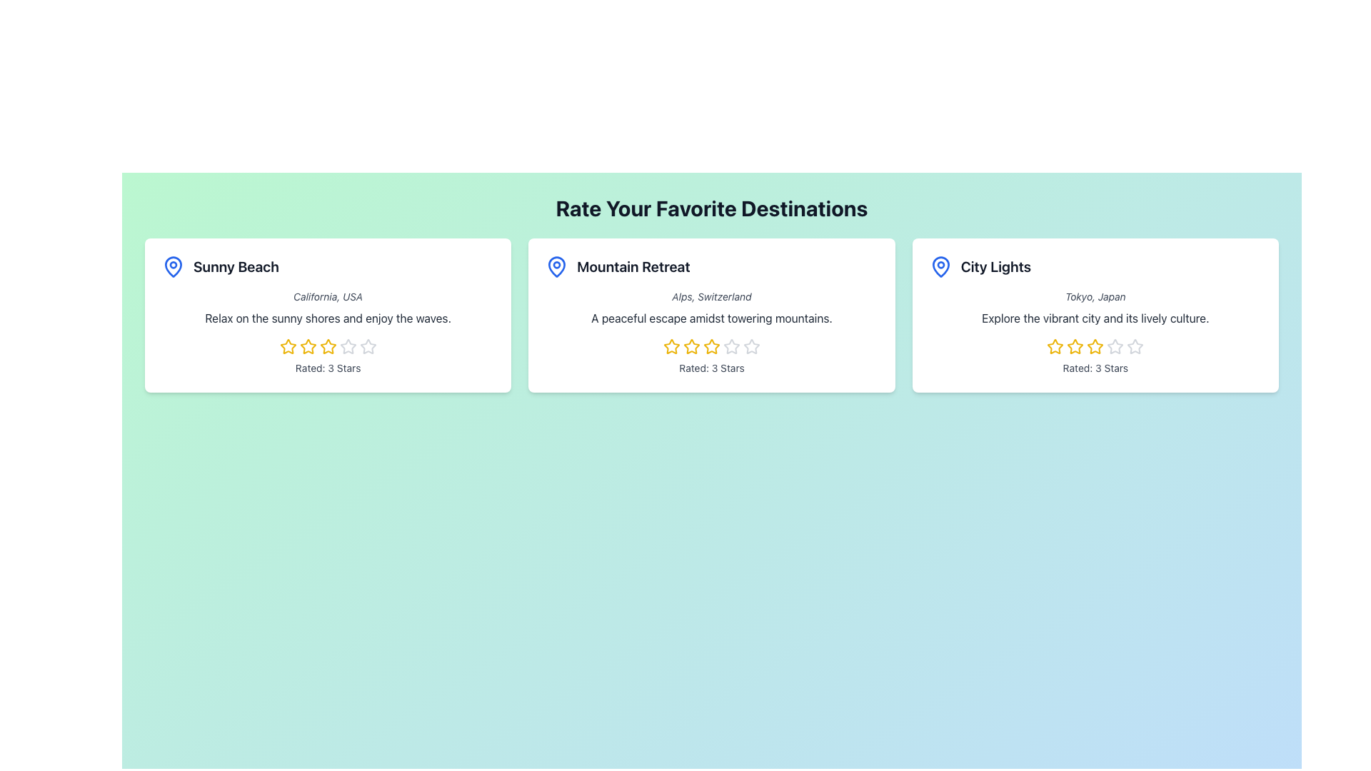  I want to click on one of the star icons in the Rating star component to set a rating, which is visually represented by the filled stars and the hover effects, so click(712, 347).